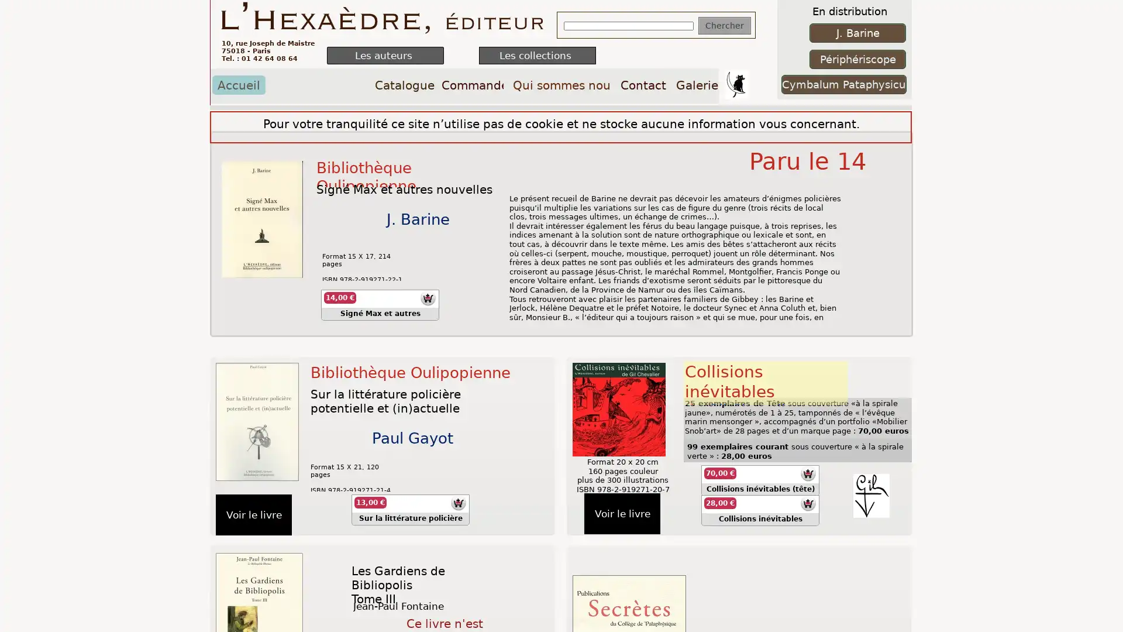  What do you see at coordinates (253, 514) in the screenshot?
I see `Voir le livre` at bounding box center [253, 514].